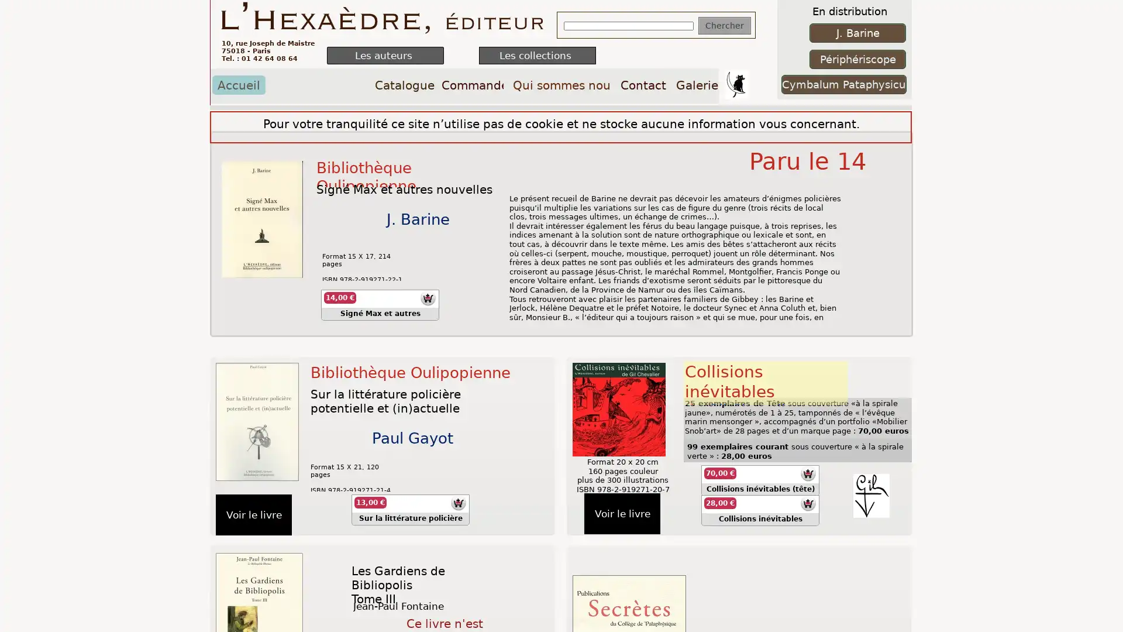  What do you see at coordinates (253, 514) in the screenshot?
I see `Voir le livre` at bounding box center [253, 514].